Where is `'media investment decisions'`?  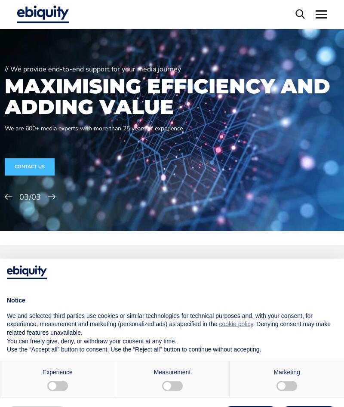
'media investment decisions' is located at coordinates (232, 317).